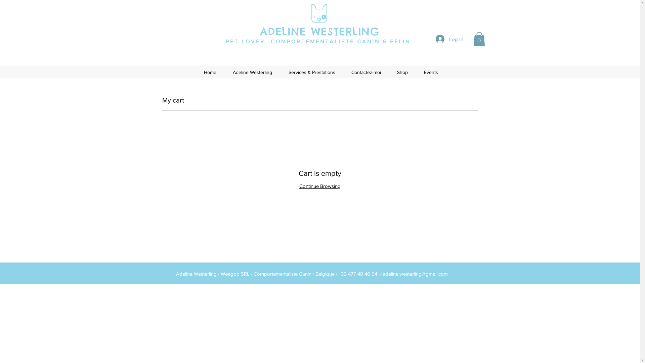 This screenshot has width=645, height=363. What do you see at coordinates (319, 186) in the screenshot?
I see `'Continue Browsing'` at bounding box center [319, 186].